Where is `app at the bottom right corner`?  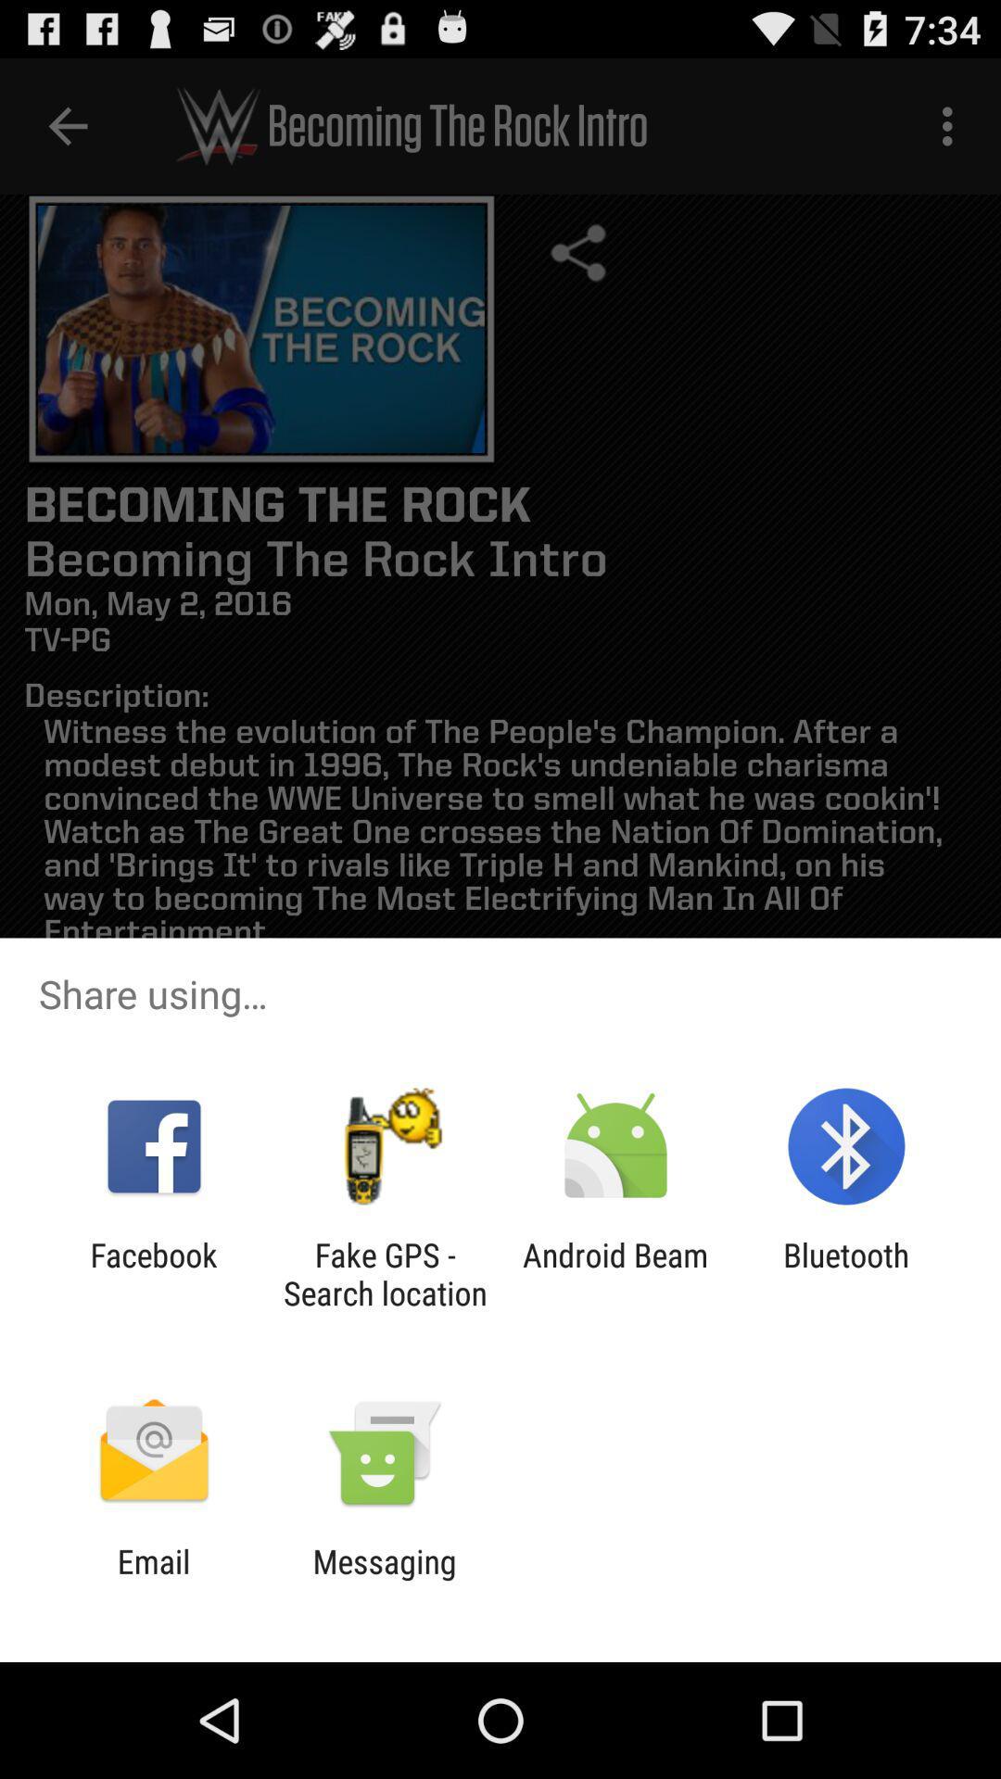
app at the bottom right corner is located at coordinates (846, 1273).